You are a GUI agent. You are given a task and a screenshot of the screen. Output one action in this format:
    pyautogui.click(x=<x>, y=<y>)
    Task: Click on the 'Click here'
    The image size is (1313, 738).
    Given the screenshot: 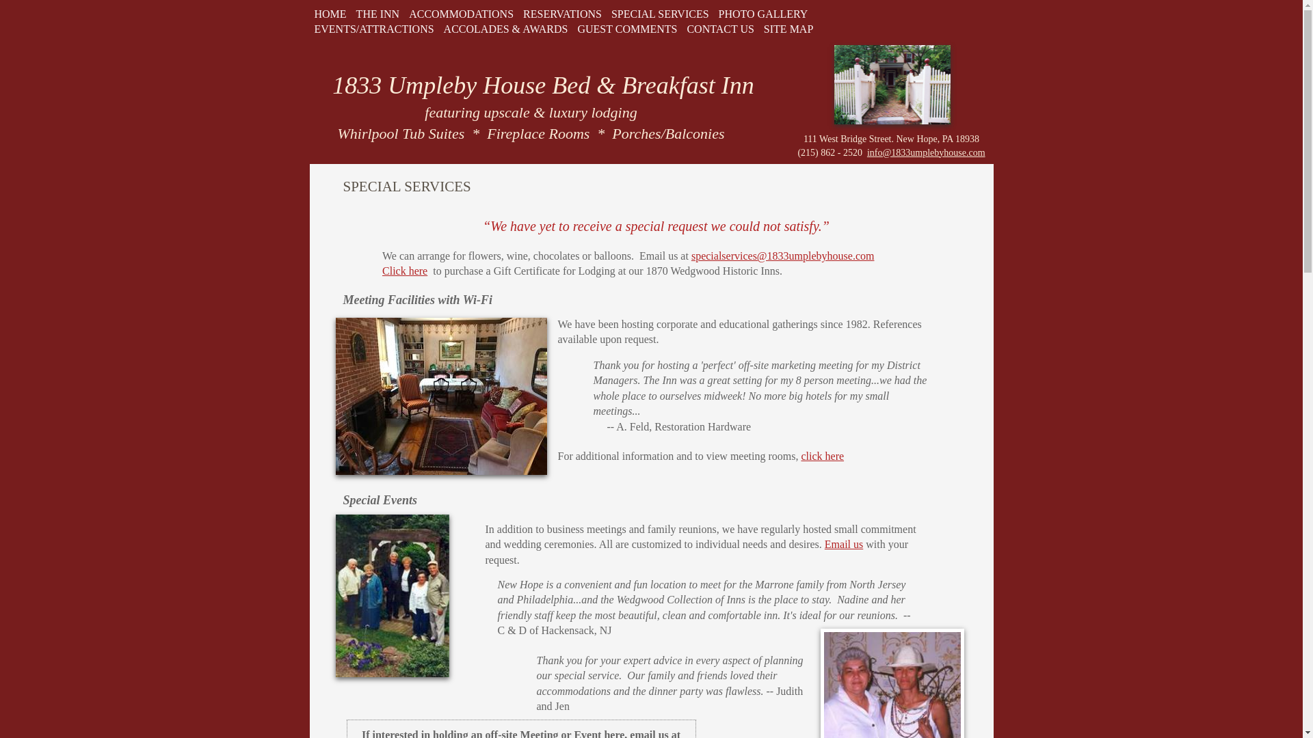 What is the action you would take?
    pyautogui.click(x=403, y=271)
    